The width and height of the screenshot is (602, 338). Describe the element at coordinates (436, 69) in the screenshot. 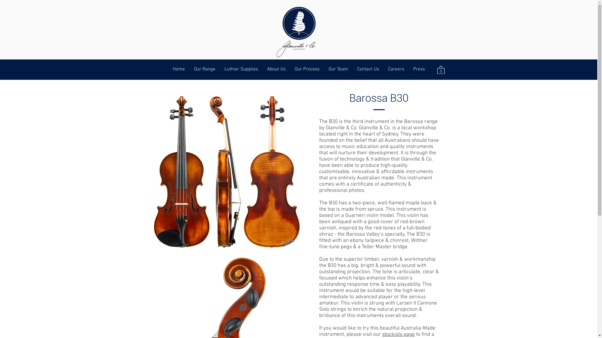

I see `'0'` at that location.